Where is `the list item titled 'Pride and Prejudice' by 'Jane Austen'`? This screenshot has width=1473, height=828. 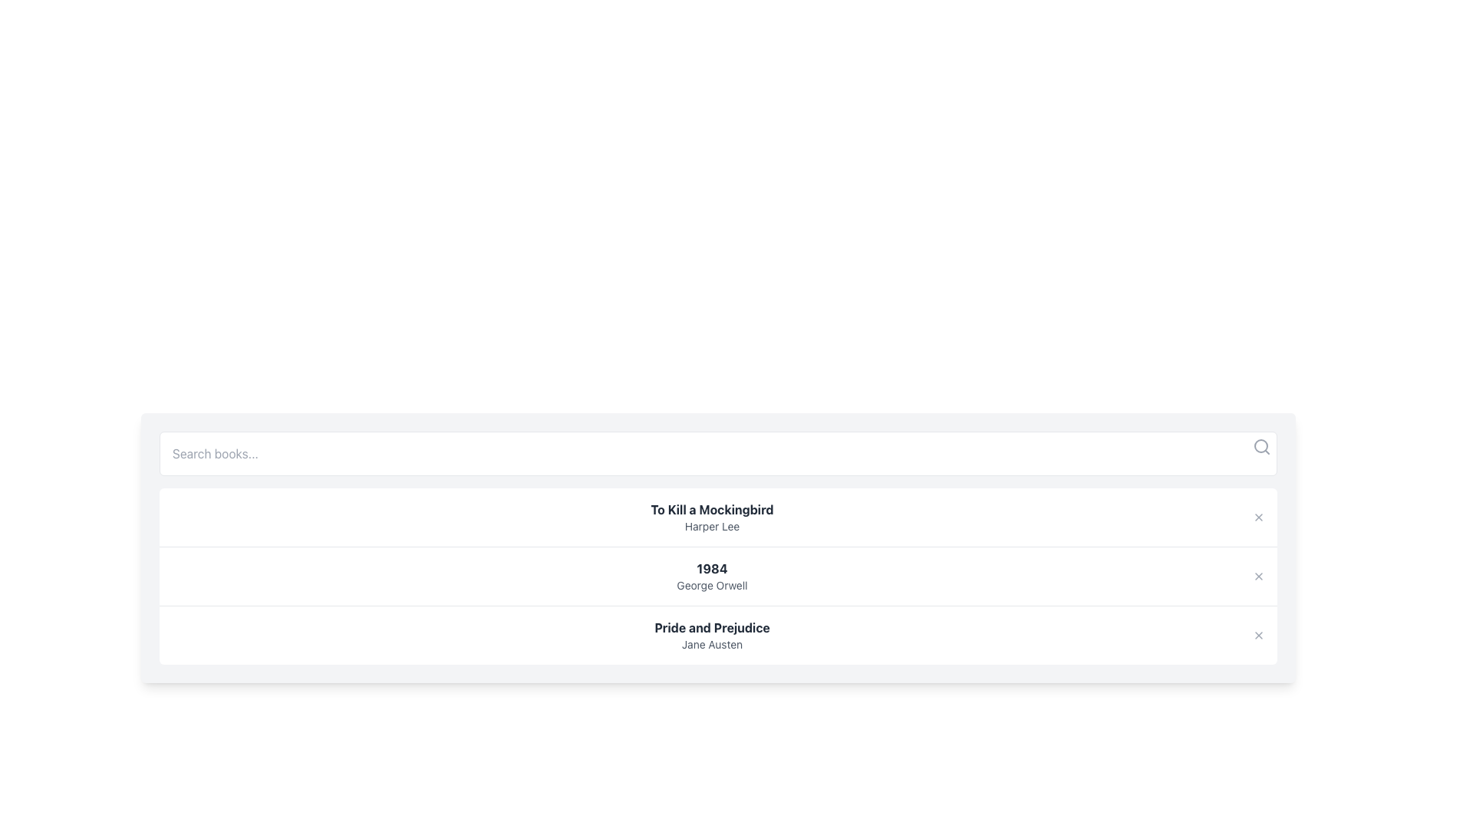
the list item titled 'Pride and Prejudice' by 'Jane Austen' is located at coordinates (717, 635).